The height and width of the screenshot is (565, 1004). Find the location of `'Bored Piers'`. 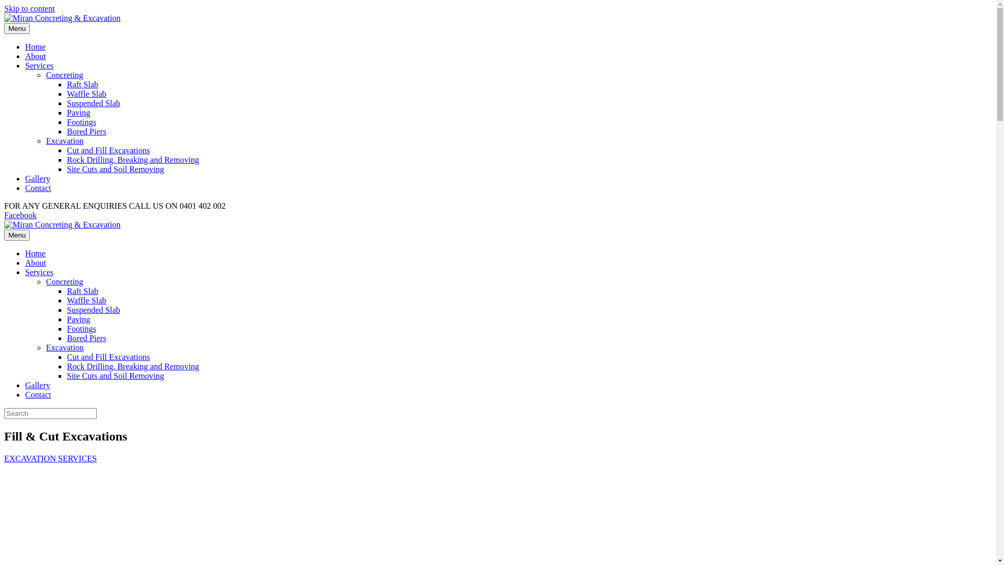

'Bored Piers' is located at coordinates (86, 131).